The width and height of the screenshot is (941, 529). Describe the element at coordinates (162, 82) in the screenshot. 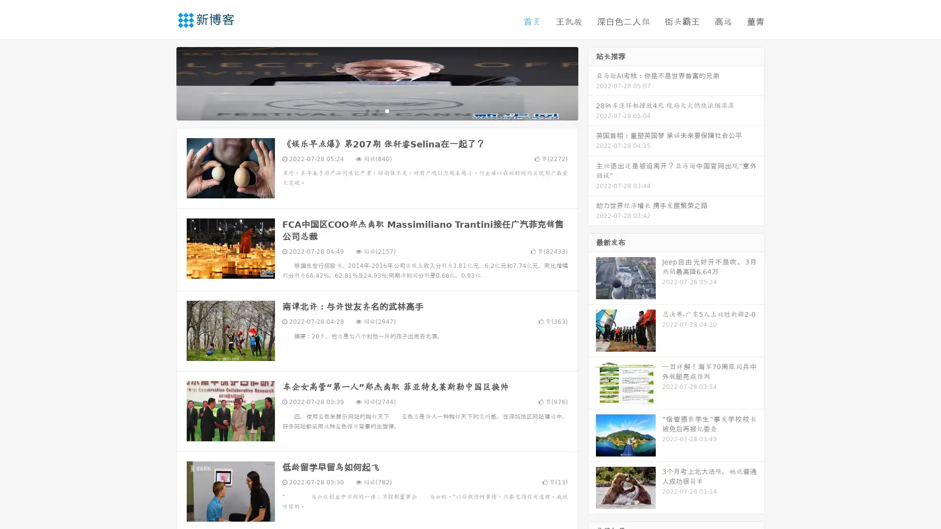

I see `Previous slide` at that location.